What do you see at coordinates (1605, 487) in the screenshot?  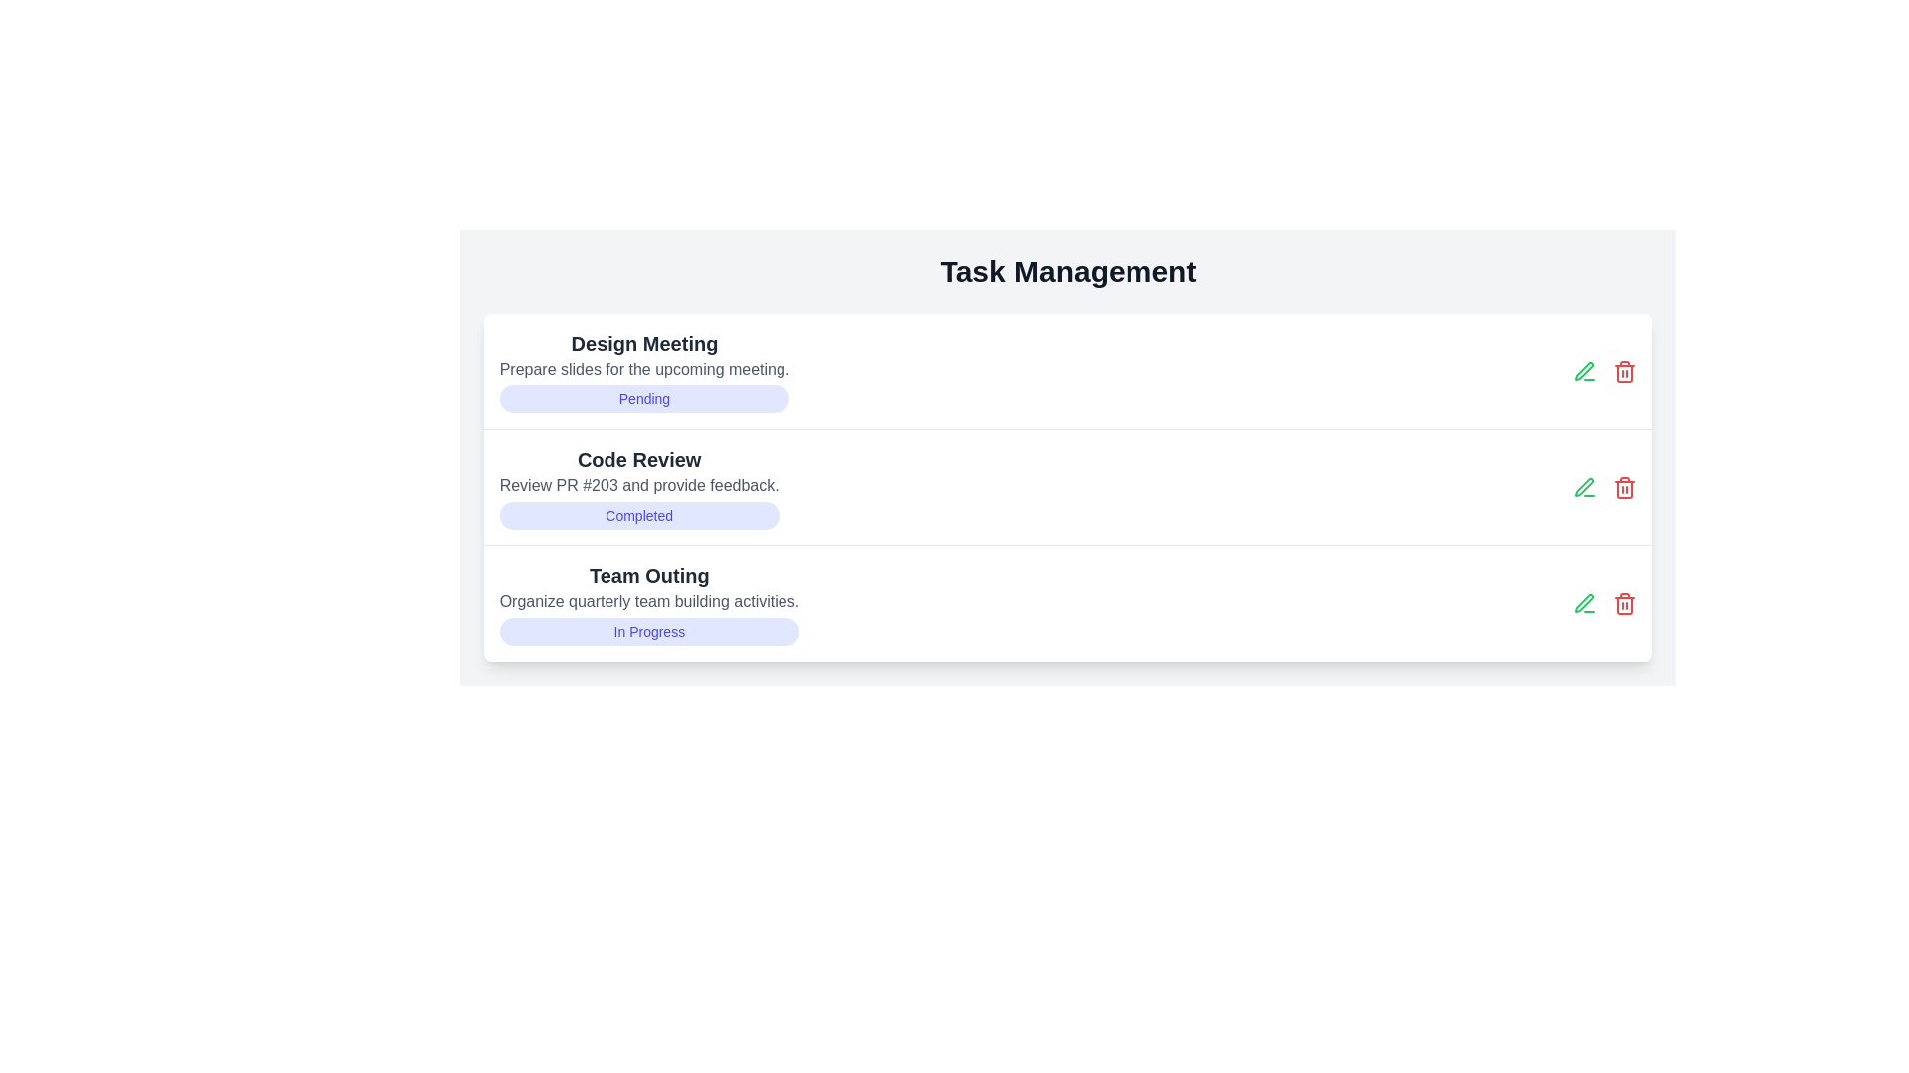 I see `the green pencil icon in the action icons row for the 'Code Review' task` at bounding box center [1605, 487].